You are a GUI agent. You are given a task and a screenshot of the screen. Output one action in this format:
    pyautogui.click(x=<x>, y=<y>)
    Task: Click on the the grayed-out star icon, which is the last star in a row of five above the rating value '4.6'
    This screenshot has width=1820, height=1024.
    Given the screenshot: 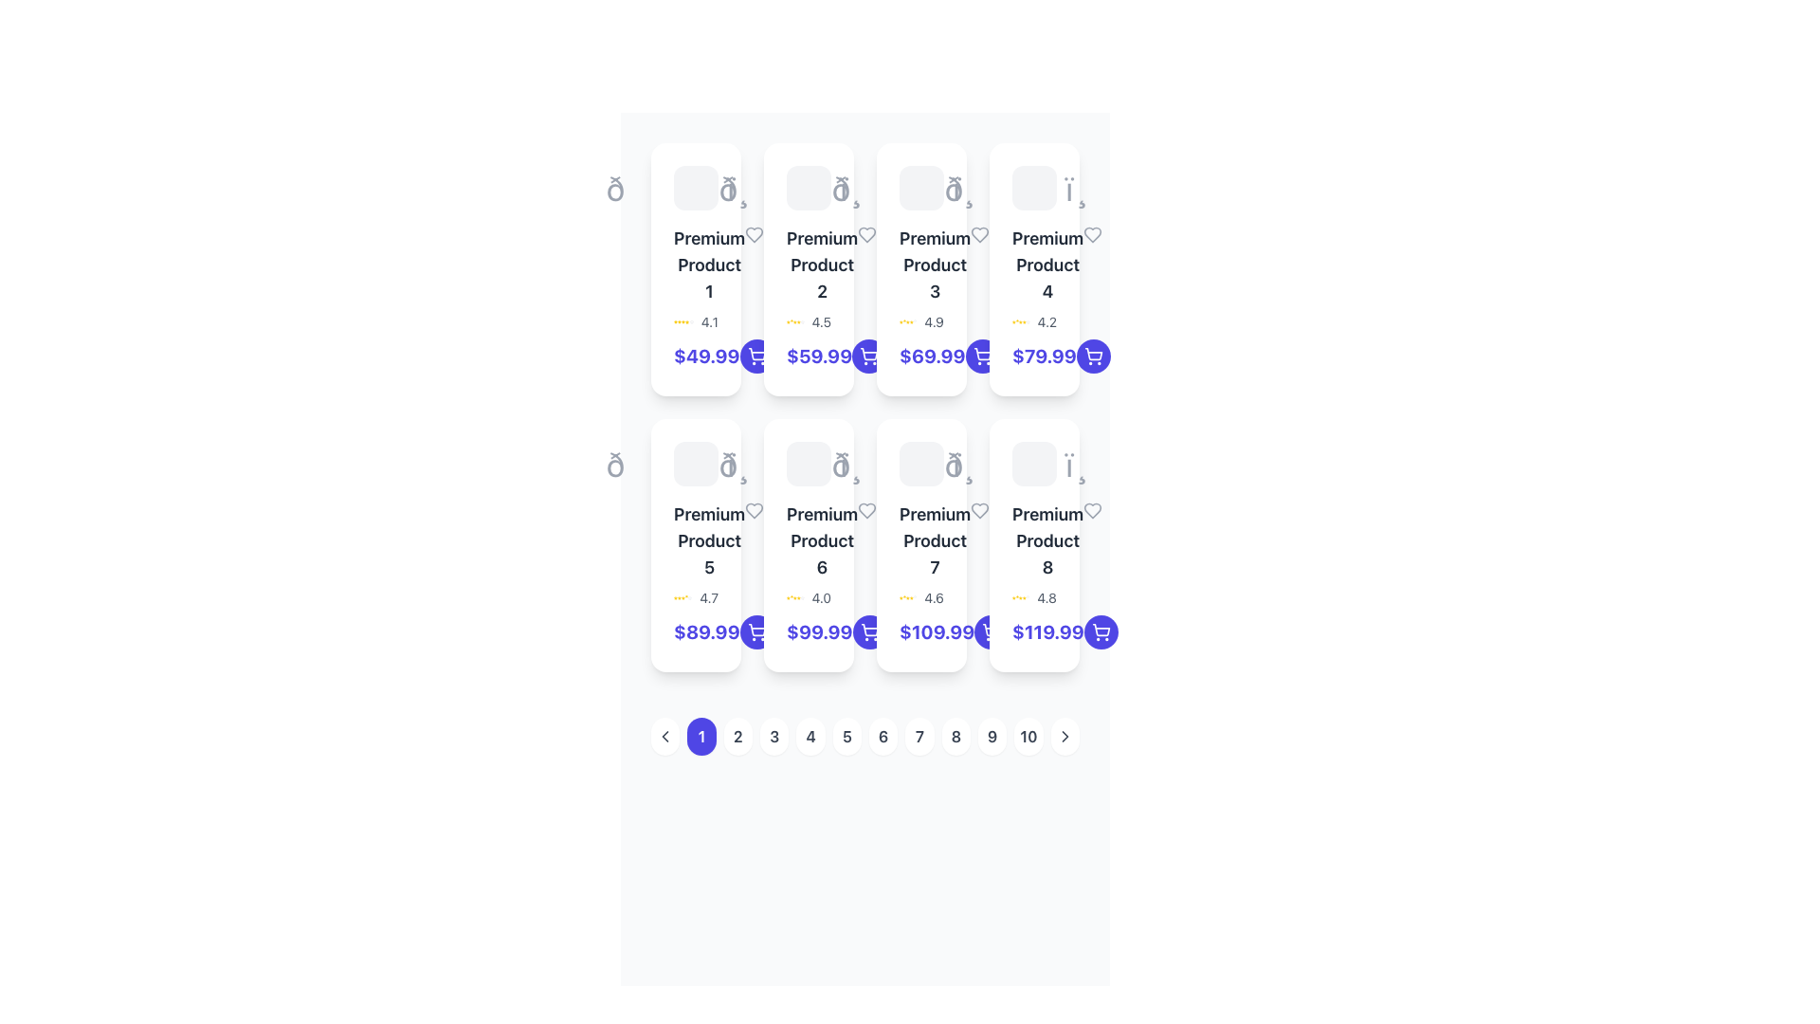 What is the action you would take?
    pyautogui.click(x=915, y=598)
    